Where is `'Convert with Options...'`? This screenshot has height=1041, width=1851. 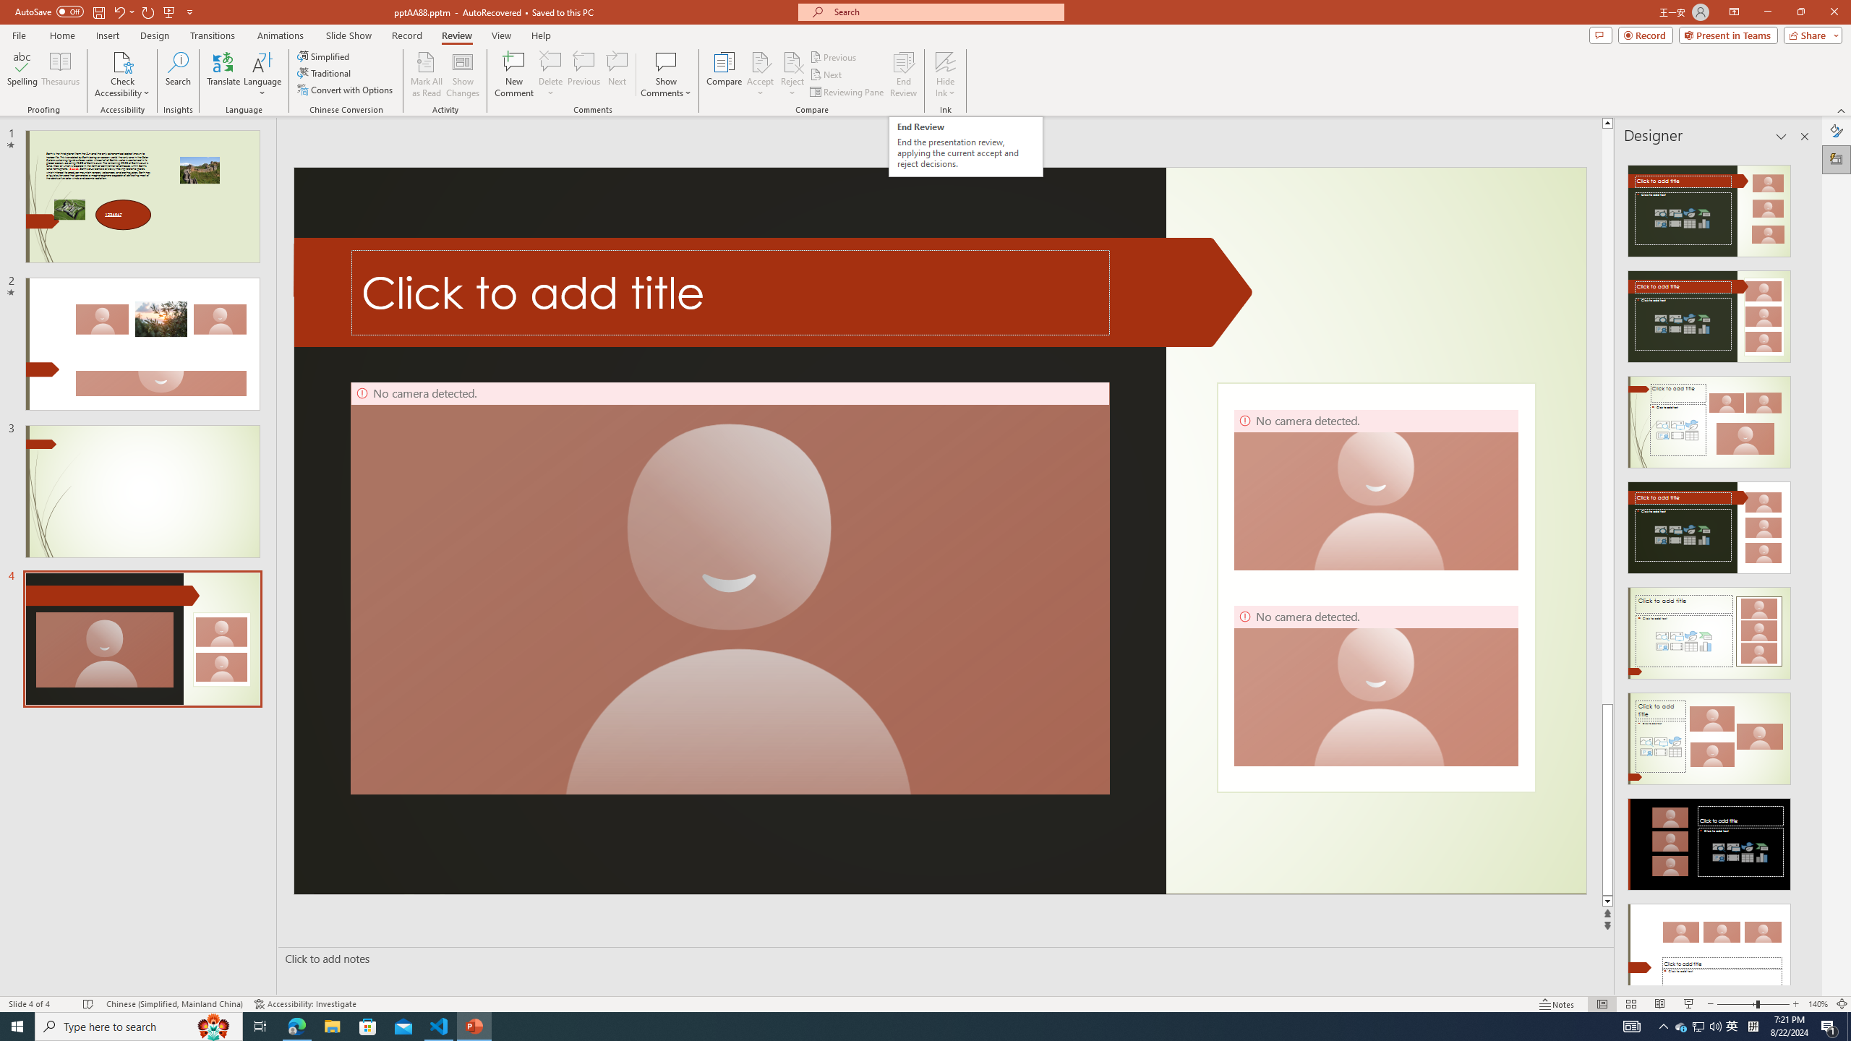 'Convert with Options...' is located at coordinates (345, 88).